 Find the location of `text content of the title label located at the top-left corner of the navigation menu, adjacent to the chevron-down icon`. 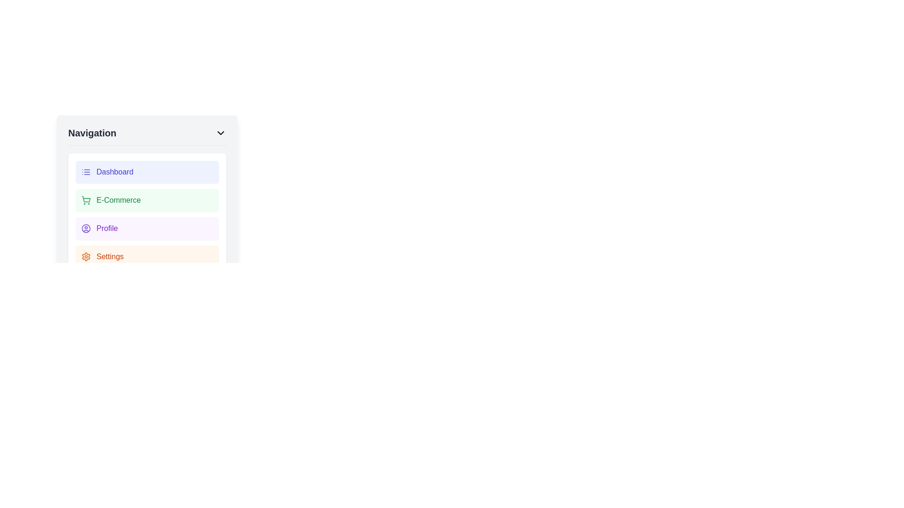

text content of the title label located at the top-left corner of the navigation menu, adjacent to the chevron-down icon is located at coordinates (92, 133).